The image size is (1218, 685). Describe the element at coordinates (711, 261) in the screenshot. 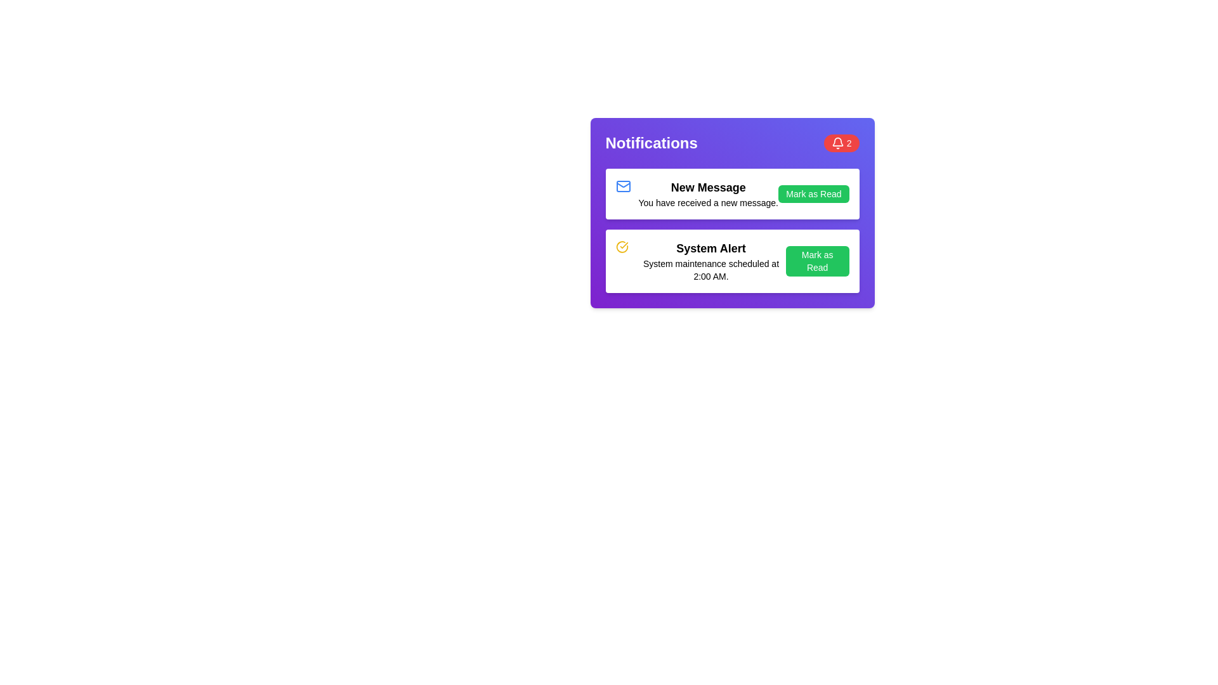

I see `the text block containing the notification message 'System Alert' and 'System maintenance scheduled at 2:00 AM.'` at that location.